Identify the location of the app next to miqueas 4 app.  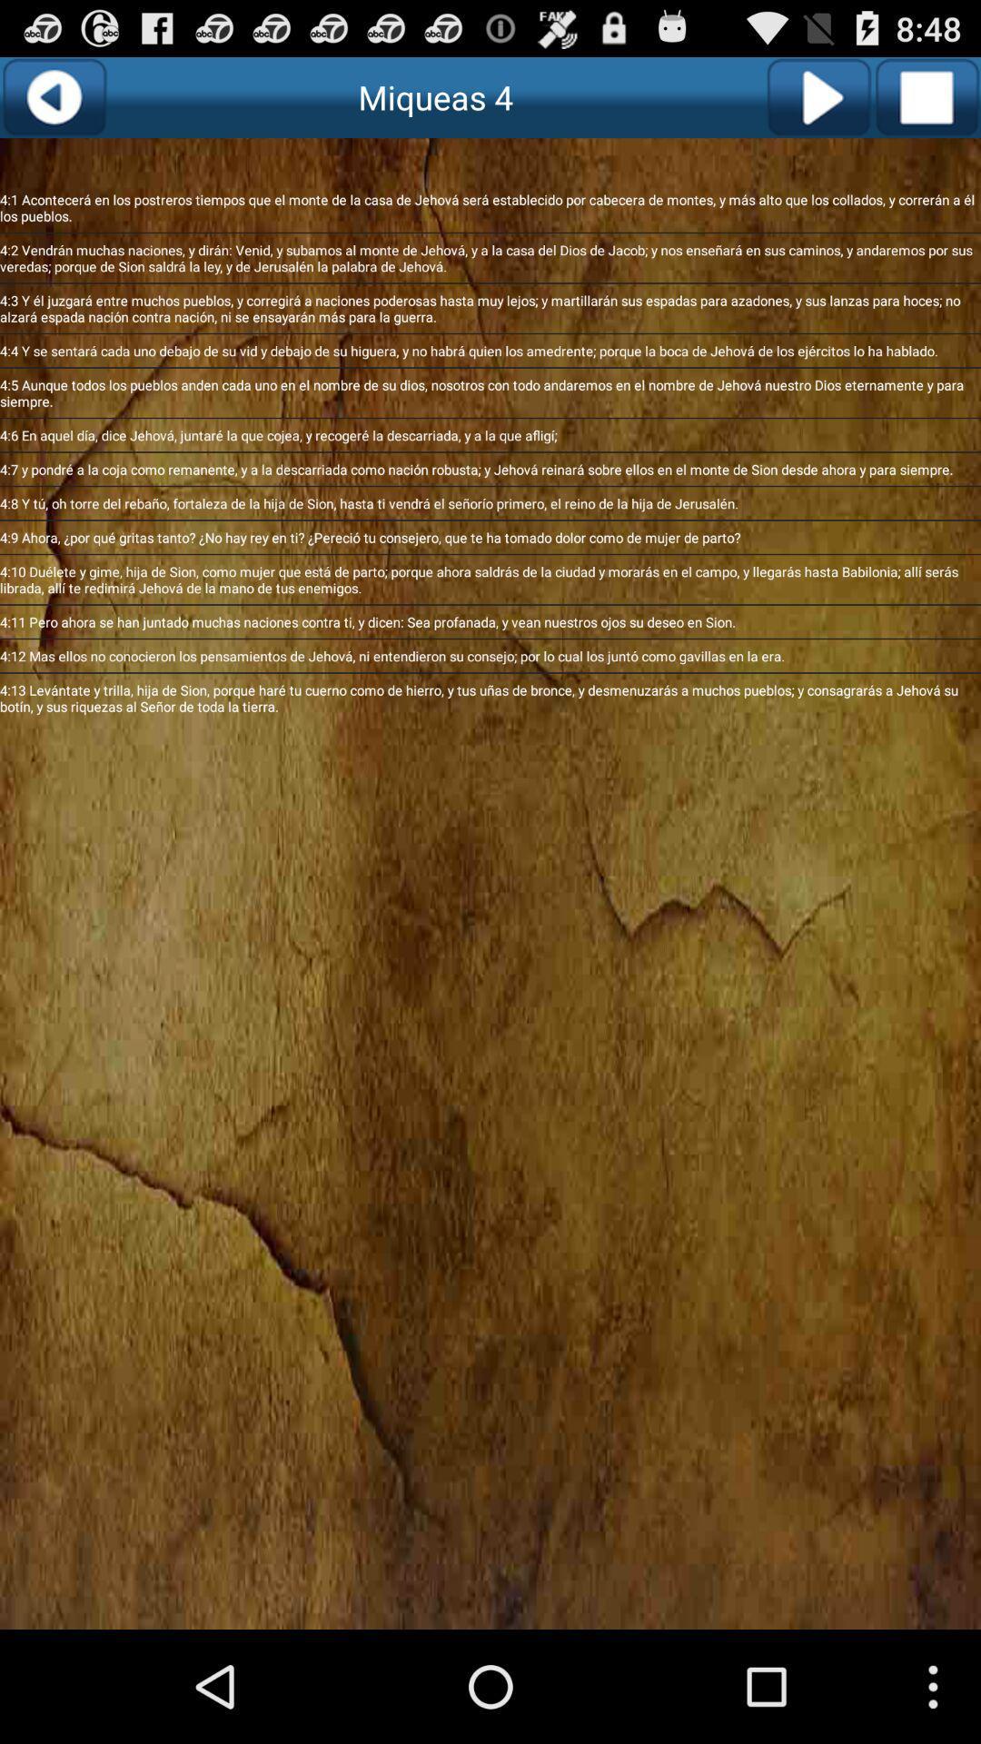
(818, 96).